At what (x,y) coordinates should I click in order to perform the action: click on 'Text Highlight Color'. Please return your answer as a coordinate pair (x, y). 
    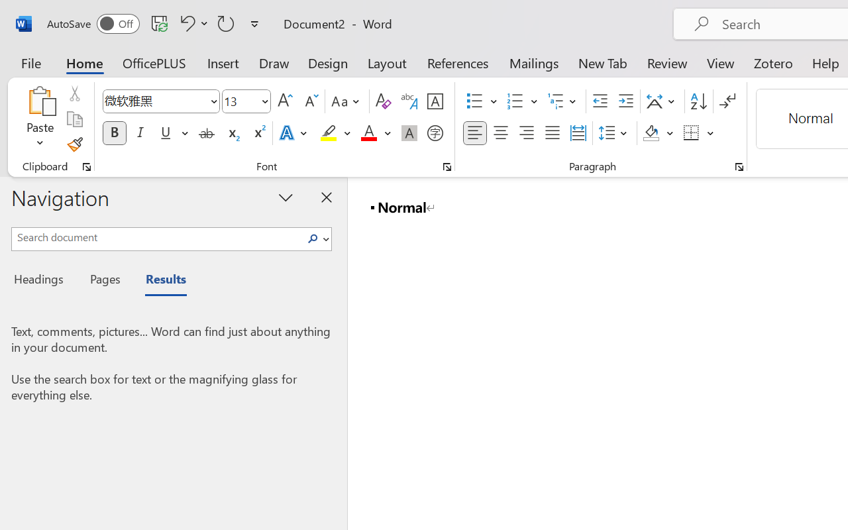
    Looking at the image, I should click on (335, 133).